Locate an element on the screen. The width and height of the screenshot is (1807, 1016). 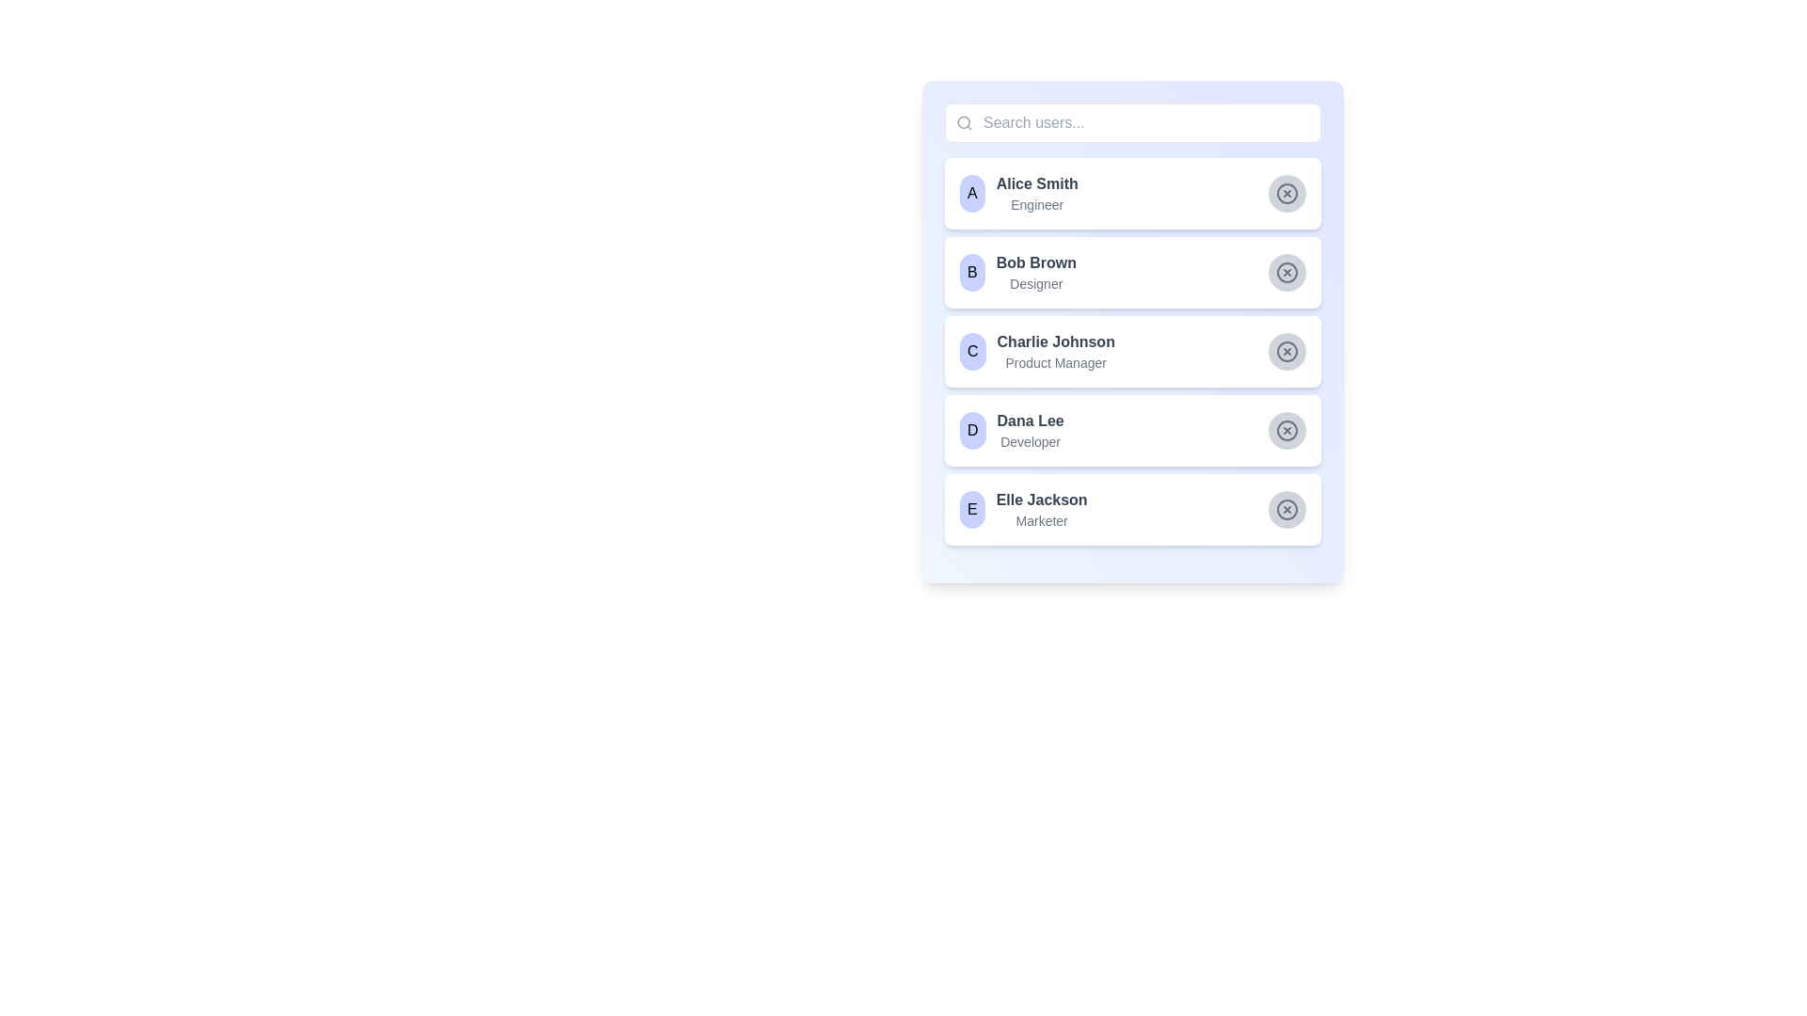
text label identifying the user 'Bob Brown', which is located above the designation 'Designer' in the second user card of the user list is located at coordinates (1035, 263).